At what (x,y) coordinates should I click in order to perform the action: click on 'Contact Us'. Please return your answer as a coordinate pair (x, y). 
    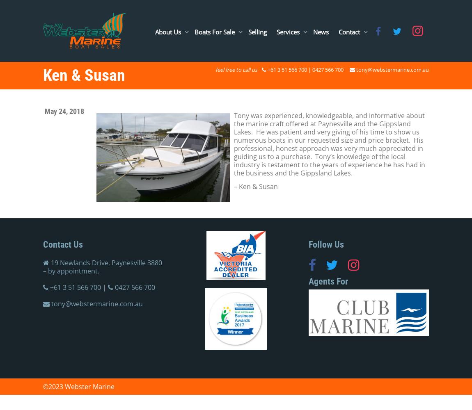
    Looking at the image, I should click on (62, 244).